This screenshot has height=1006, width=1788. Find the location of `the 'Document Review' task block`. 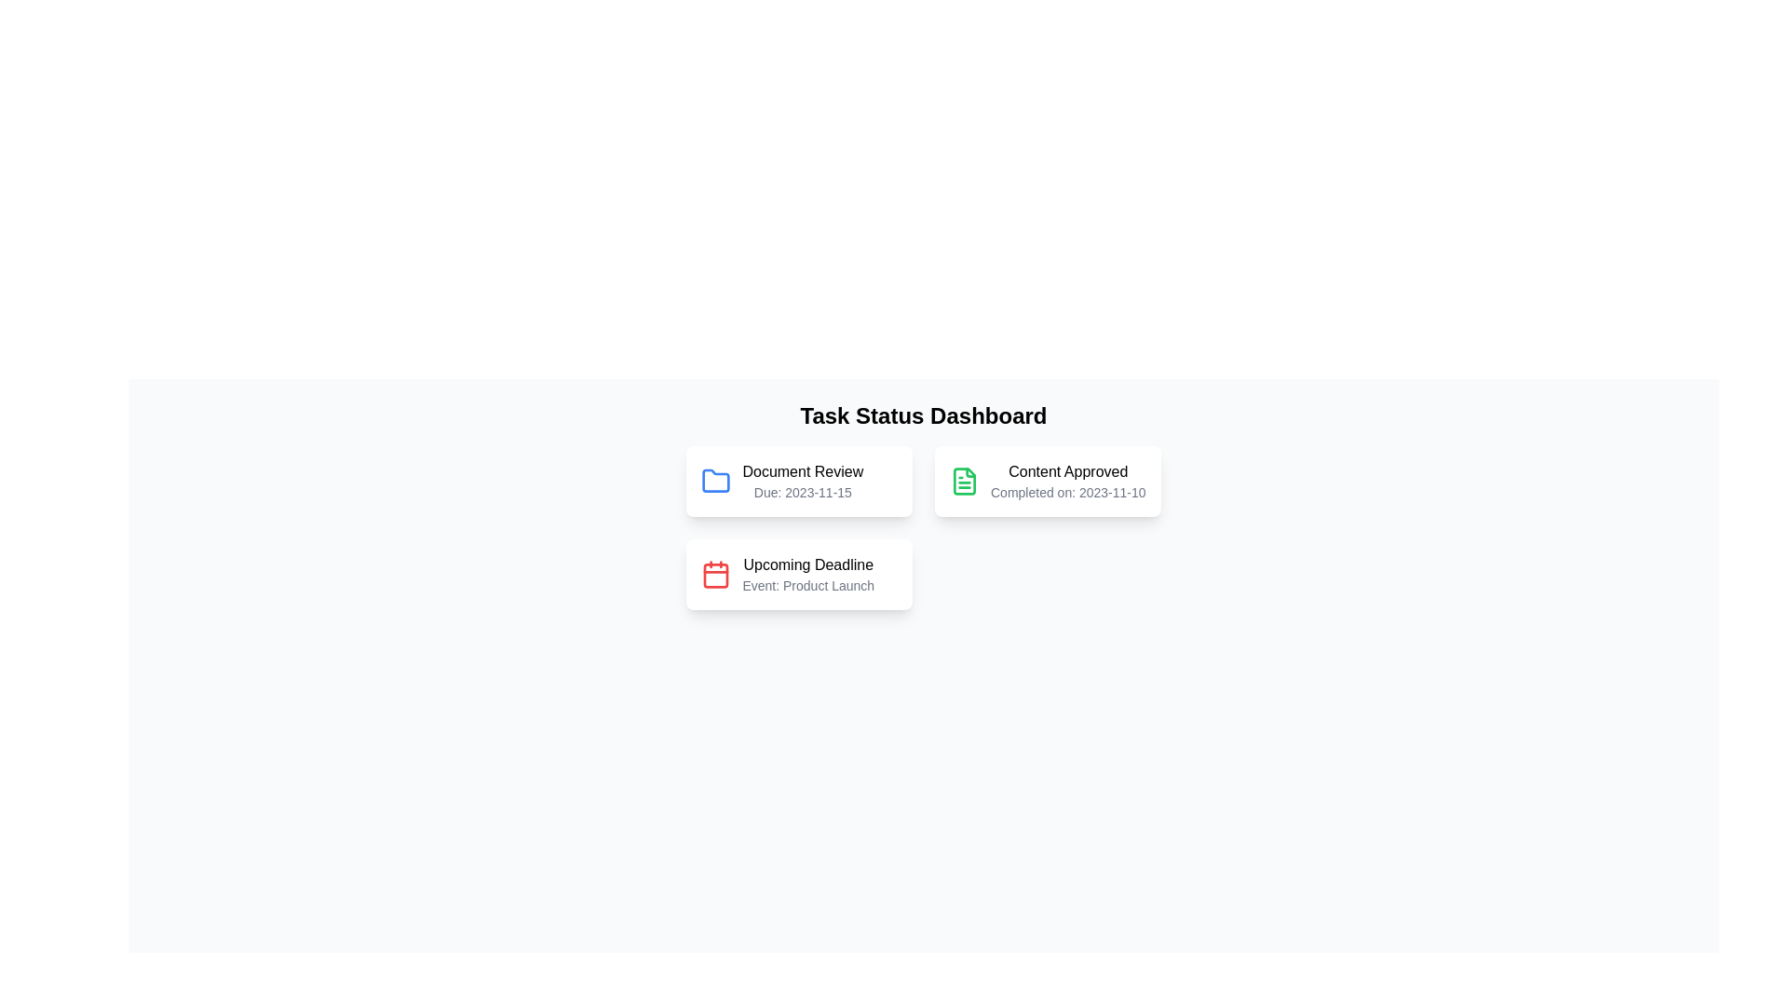

the 'Document Review' task block is located at coordinates (803, 480).